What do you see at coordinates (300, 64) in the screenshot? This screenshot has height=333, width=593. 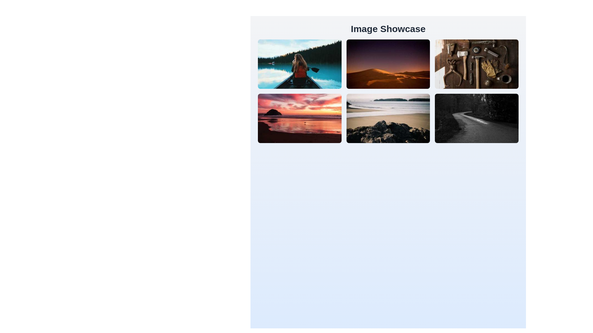 I see `styled rectangular image featuring a person in a canoe on a lake with a forest in the background, which is the first image in a grid layout, by opening developer tools` at bounding box center [300, 64].